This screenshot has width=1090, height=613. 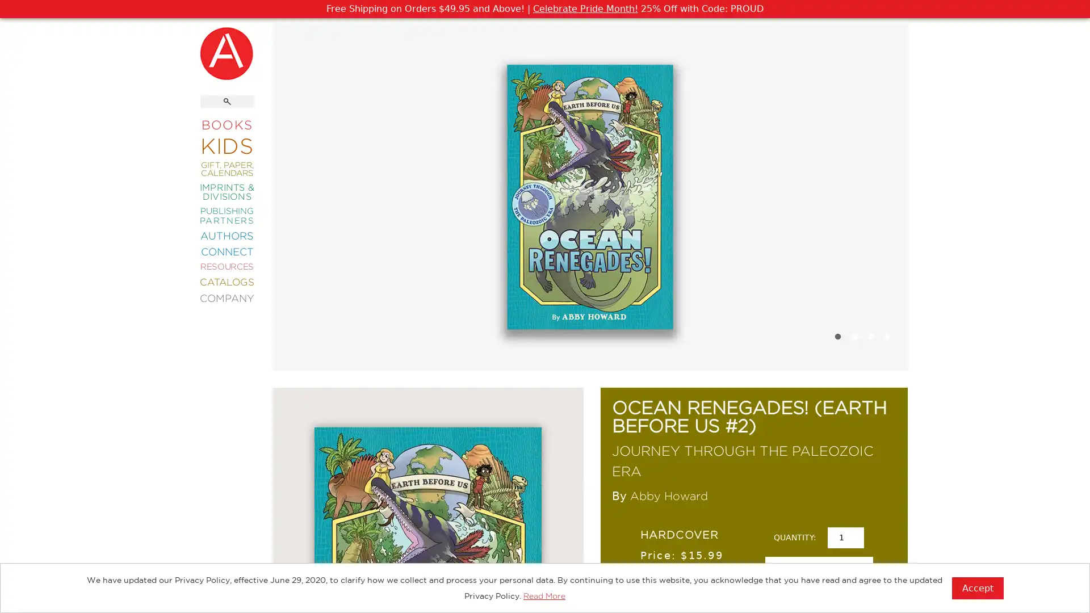 I want to click on Accept?, so click(x=977, y=587).